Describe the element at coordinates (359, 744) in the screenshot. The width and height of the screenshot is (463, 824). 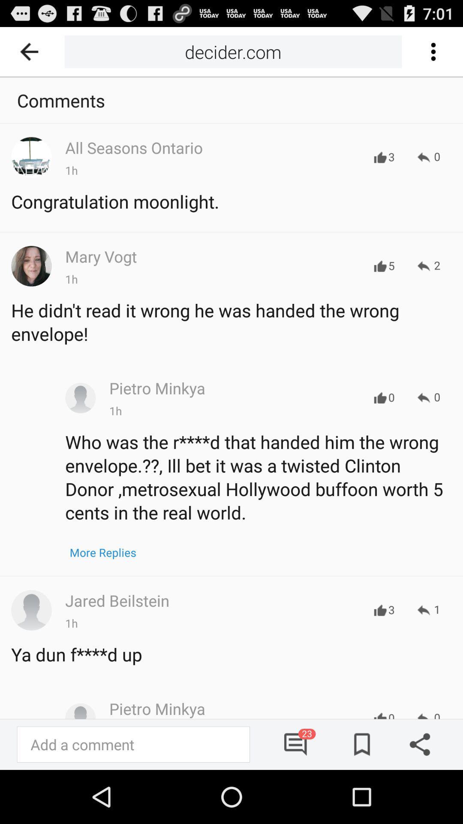
I see `saved news button` at that location.